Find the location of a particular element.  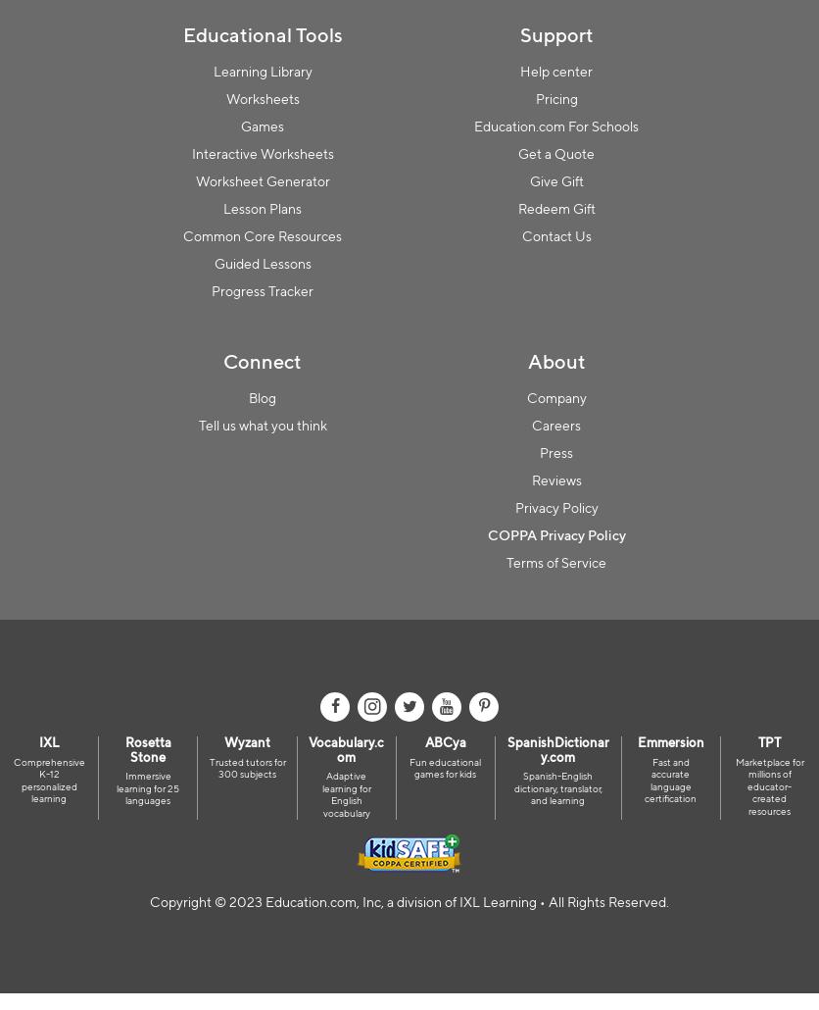

'Educational Tools' is located at coordinates (262, 33).